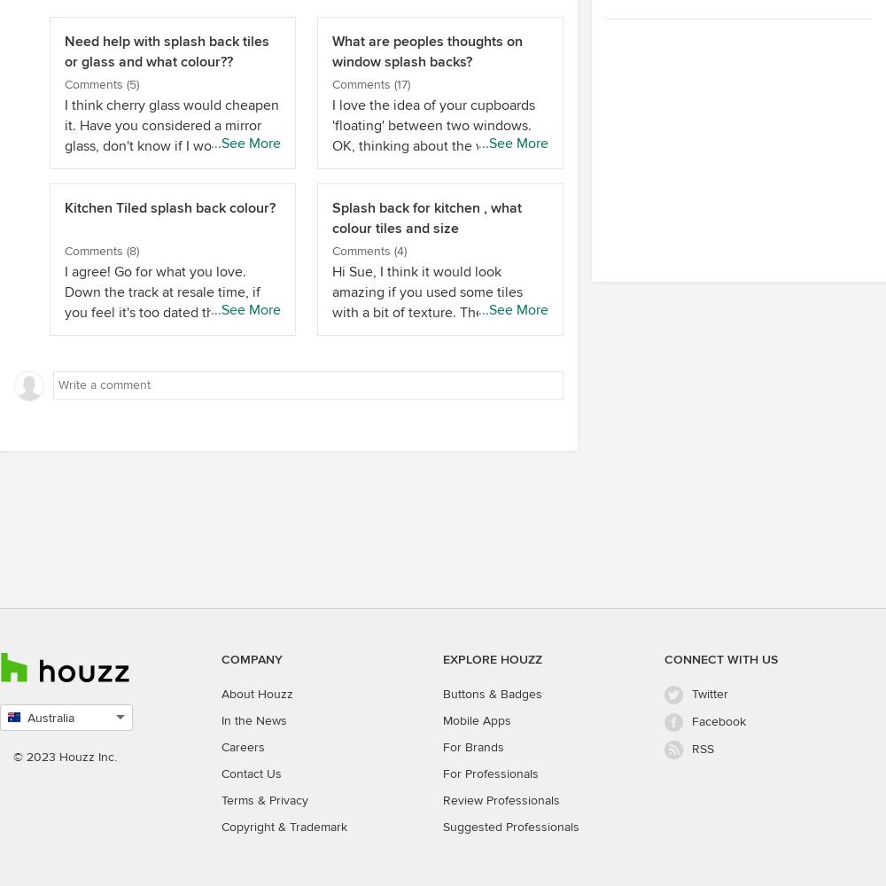 This screenshot has height=886, width=886. I want to click on 'Mobile Apps', so click(477, 719).